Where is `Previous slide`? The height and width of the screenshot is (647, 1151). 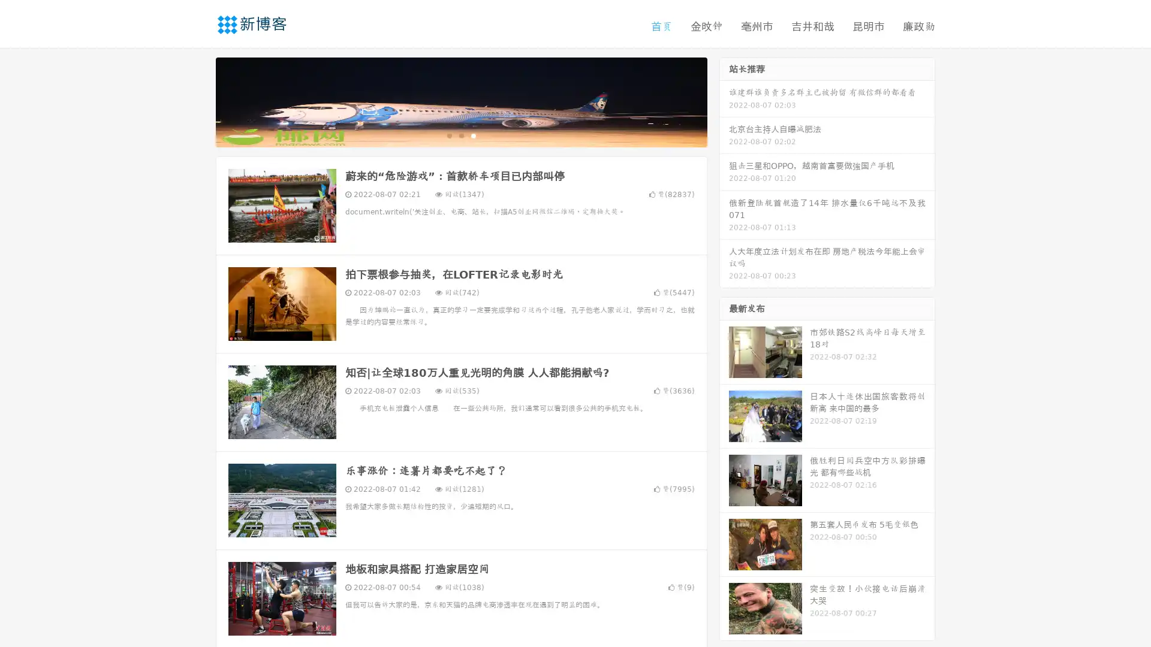
Previous slide is located at coordinates (198, 101).